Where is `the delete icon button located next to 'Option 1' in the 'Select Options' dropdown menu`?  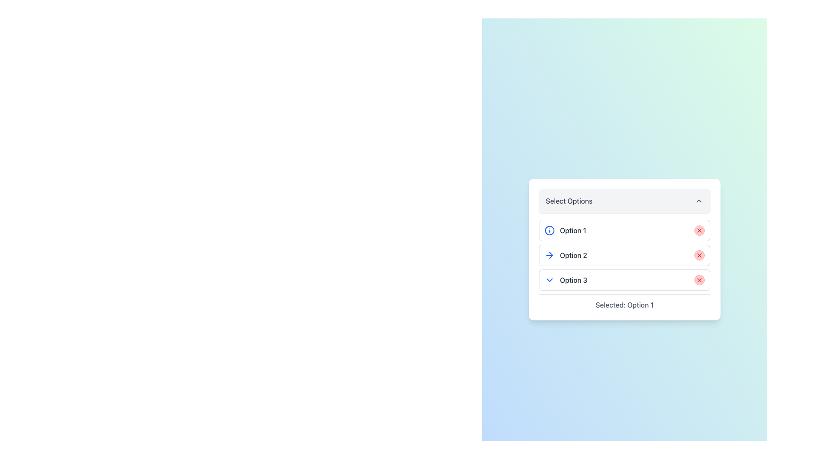 the delete icon button located next to 'Option 1' in the 'Select Options' dropdown menu is located at coordinates (699, 229).